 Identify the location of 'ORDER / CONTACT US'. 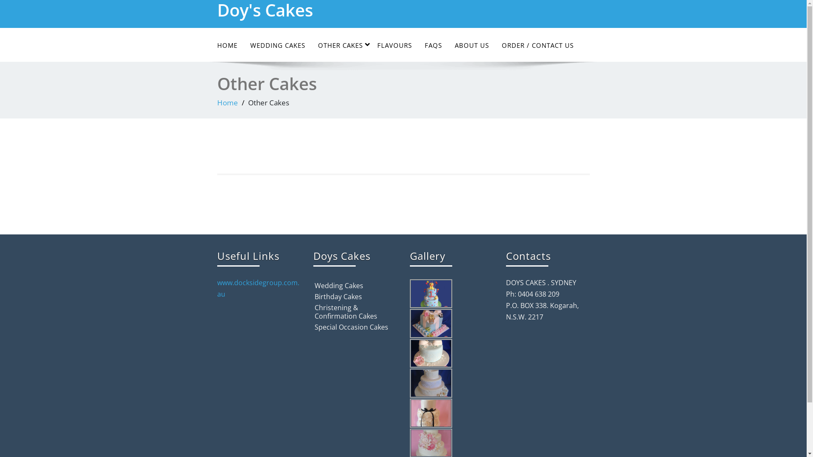
(537, 45).